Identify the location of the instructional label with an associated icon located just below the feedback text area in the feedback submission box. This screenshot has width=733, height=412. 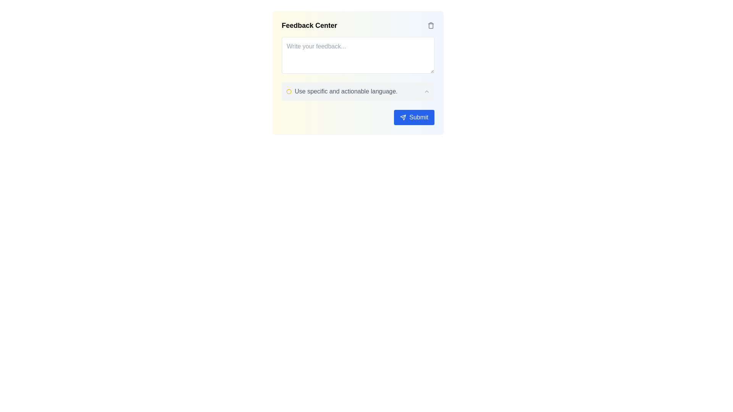
(341, 91).